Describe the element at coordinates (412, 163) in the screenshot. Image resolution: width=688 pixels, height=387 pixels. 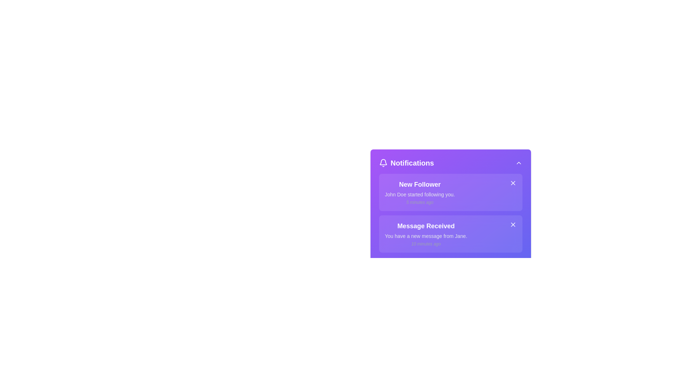
I see `text content of the bold 'Notifications' label displayed in white over a purple background in the notification panel` at that location.